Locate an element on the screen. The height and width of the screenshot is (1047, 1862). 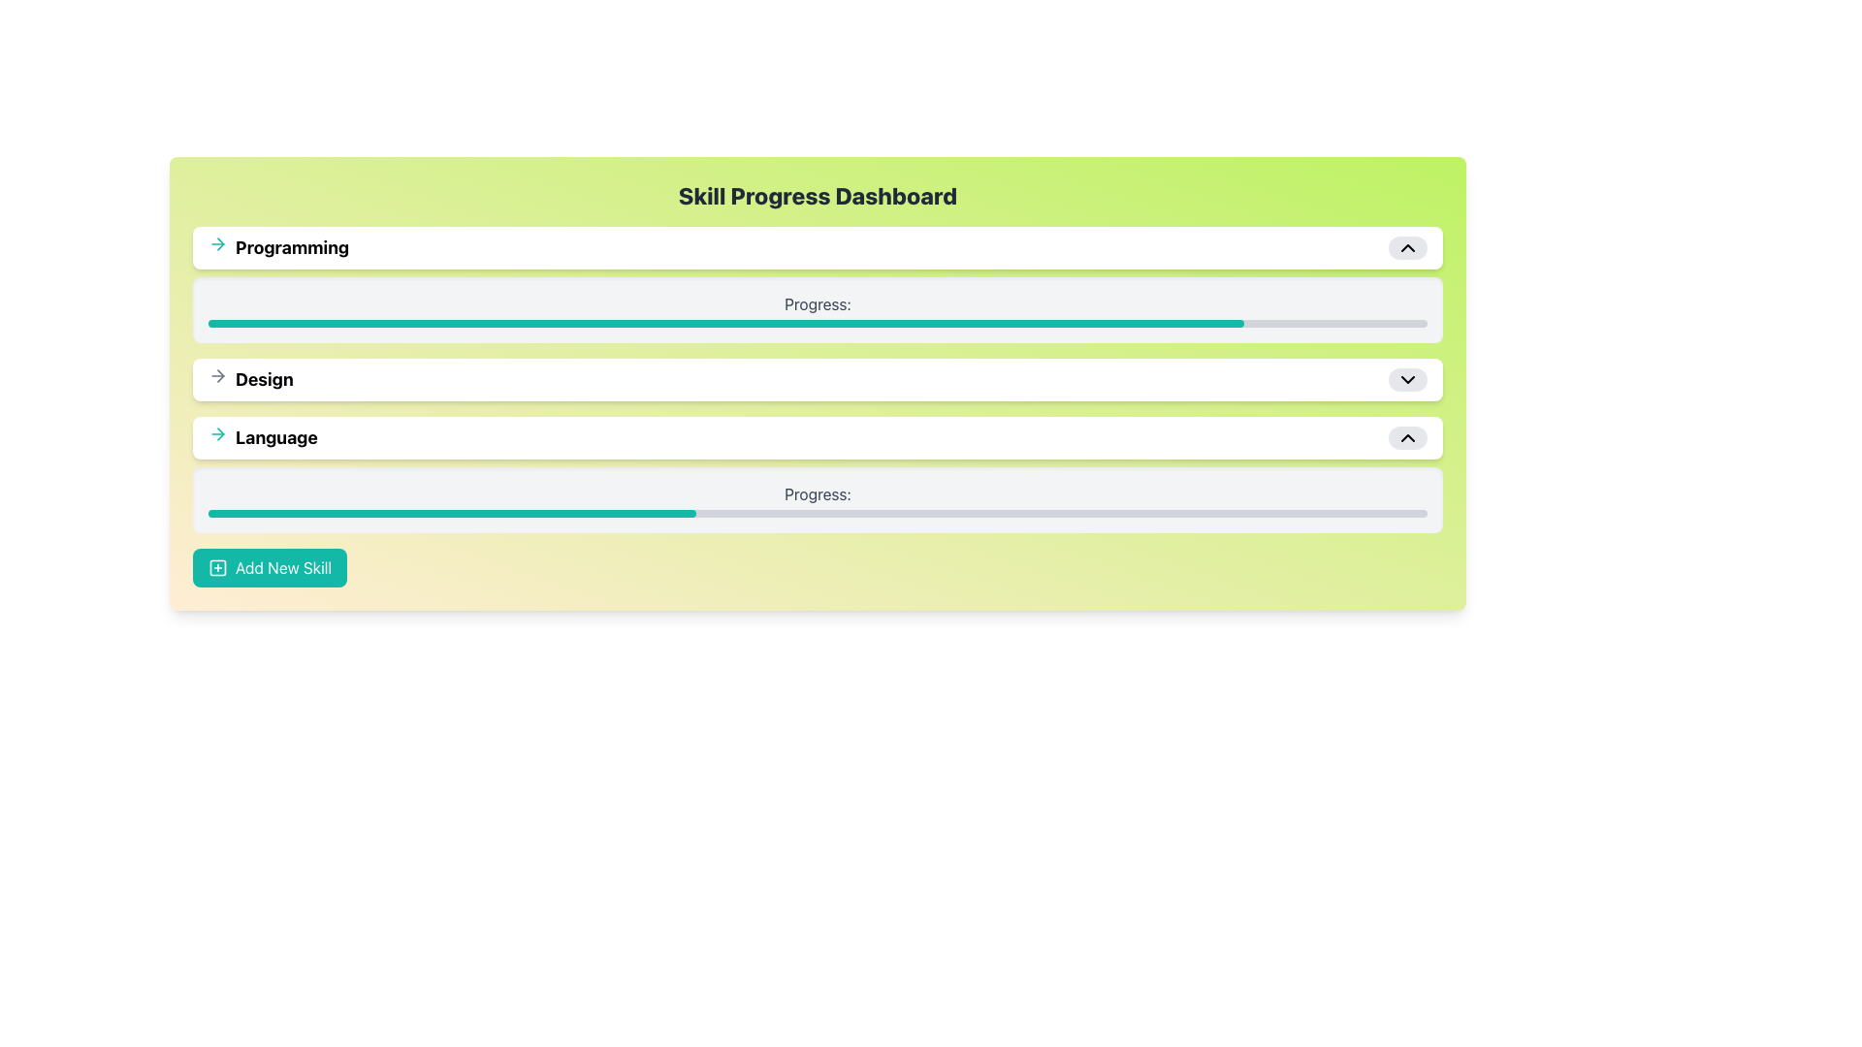
the arrow icon located at the far left of the header in the 'Programming' module of the 'Skill Progress Dashboard' is located at coordinates (218, 242).